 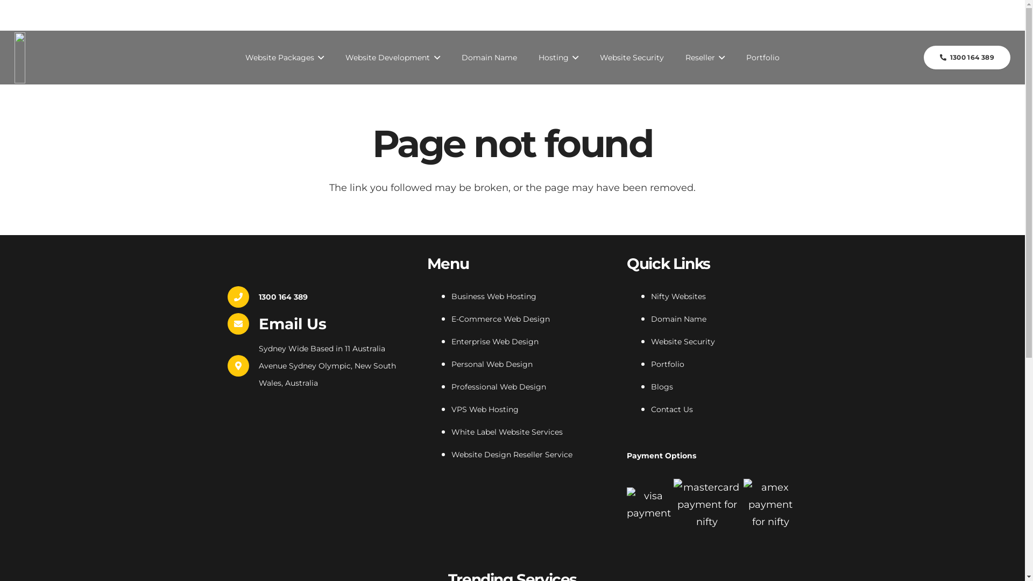 I want to click on 'E-Commerce Web Design', so click(x=500, y=318).